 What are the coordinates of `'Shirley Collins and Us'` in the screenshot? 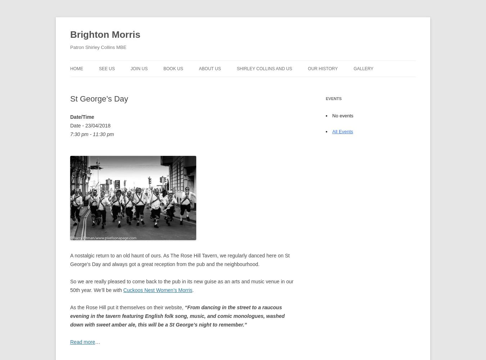 It's located at (264, 68).